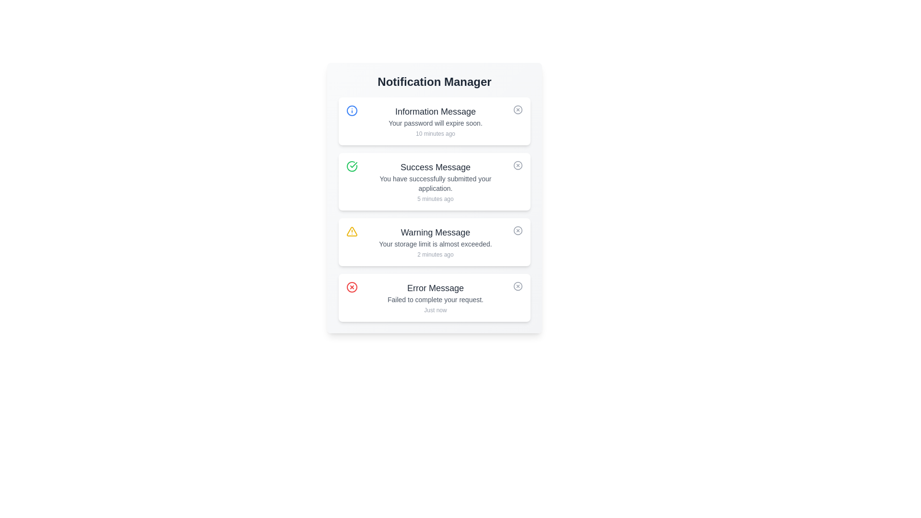 This screenshot has width=921, height=518. Describe the element at coordinates (435, 233) in the screenshot. I see `contents of the 'Warning Message' text label located in the first position of the third notification card, which is styled in a large dark gray font` at that location.